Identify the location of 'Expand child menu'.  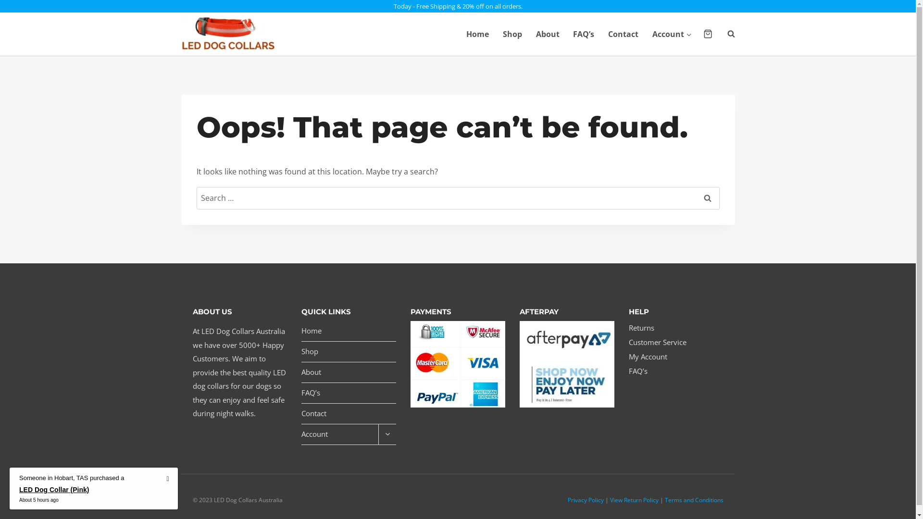
(387, 434).